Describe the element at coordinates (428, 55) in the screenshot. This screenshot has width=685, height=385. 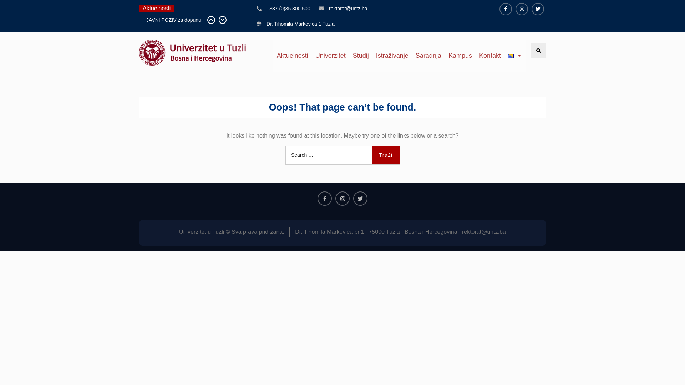
I see `'Saradnja'` at that location.